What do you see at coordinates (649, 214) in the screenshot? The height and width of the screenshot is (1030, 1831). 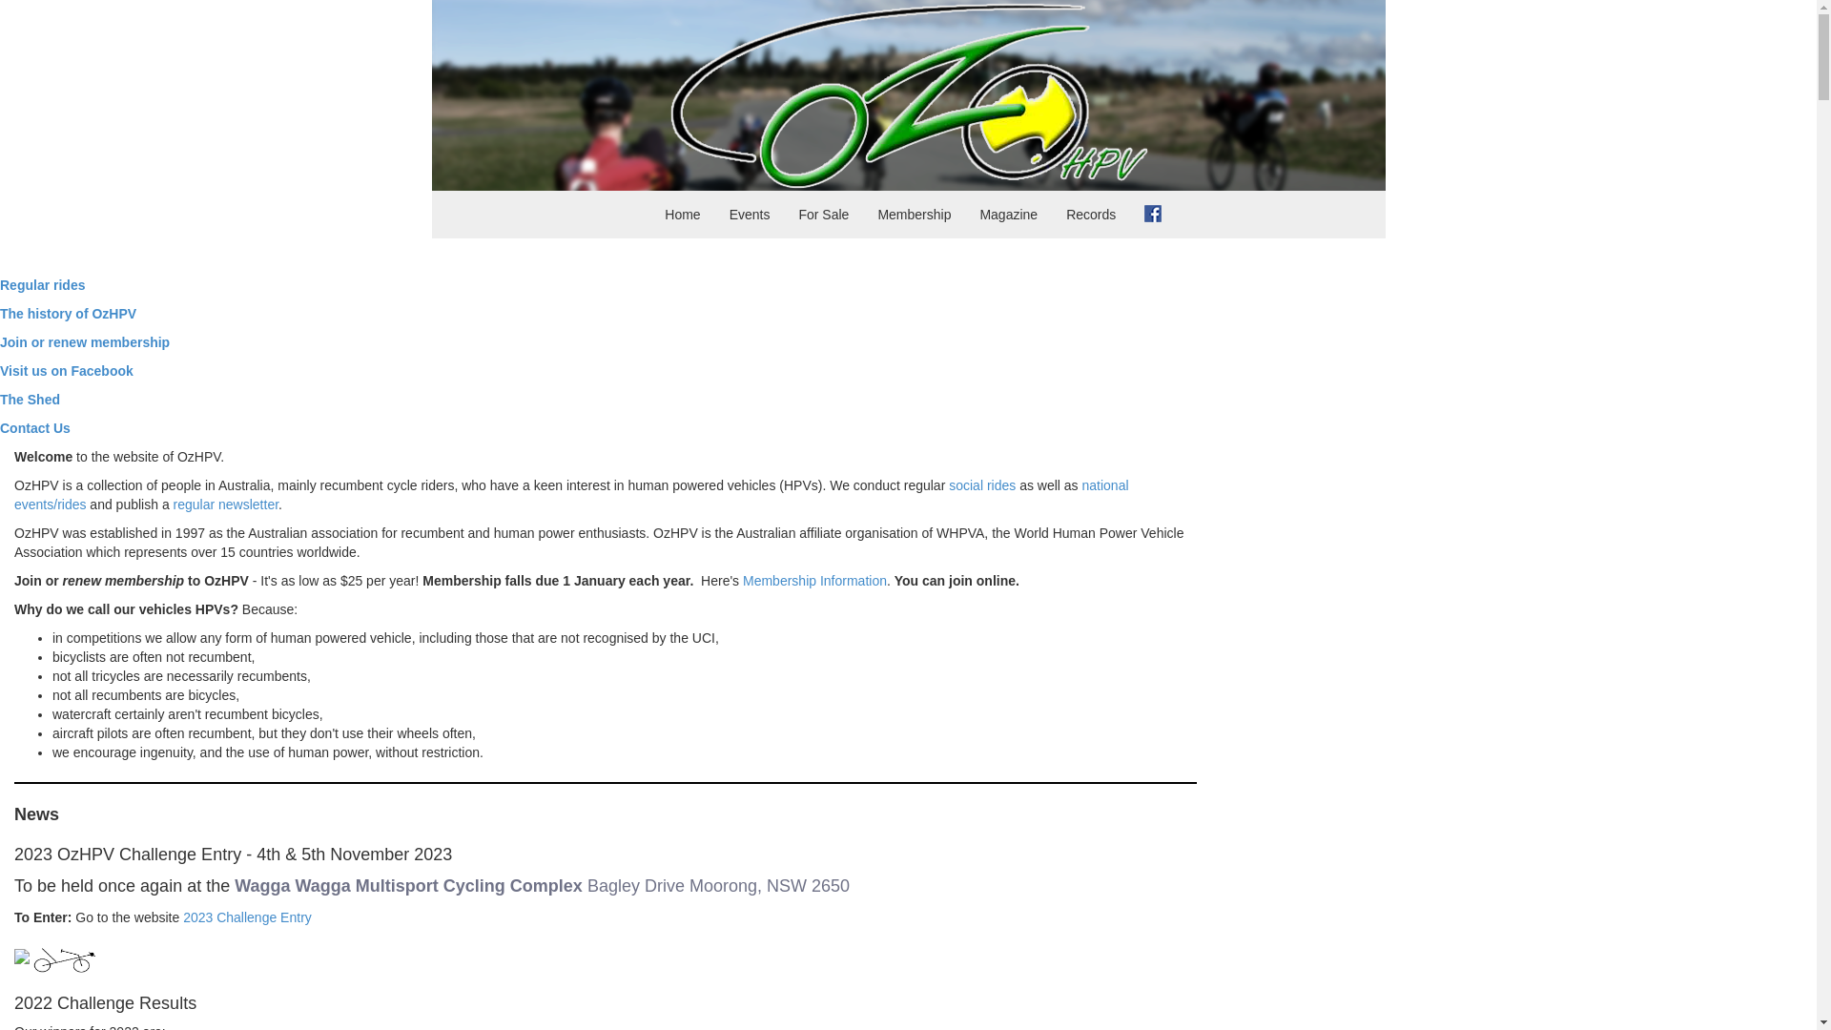 I see `'Home'` at bounding box center [649, 214].